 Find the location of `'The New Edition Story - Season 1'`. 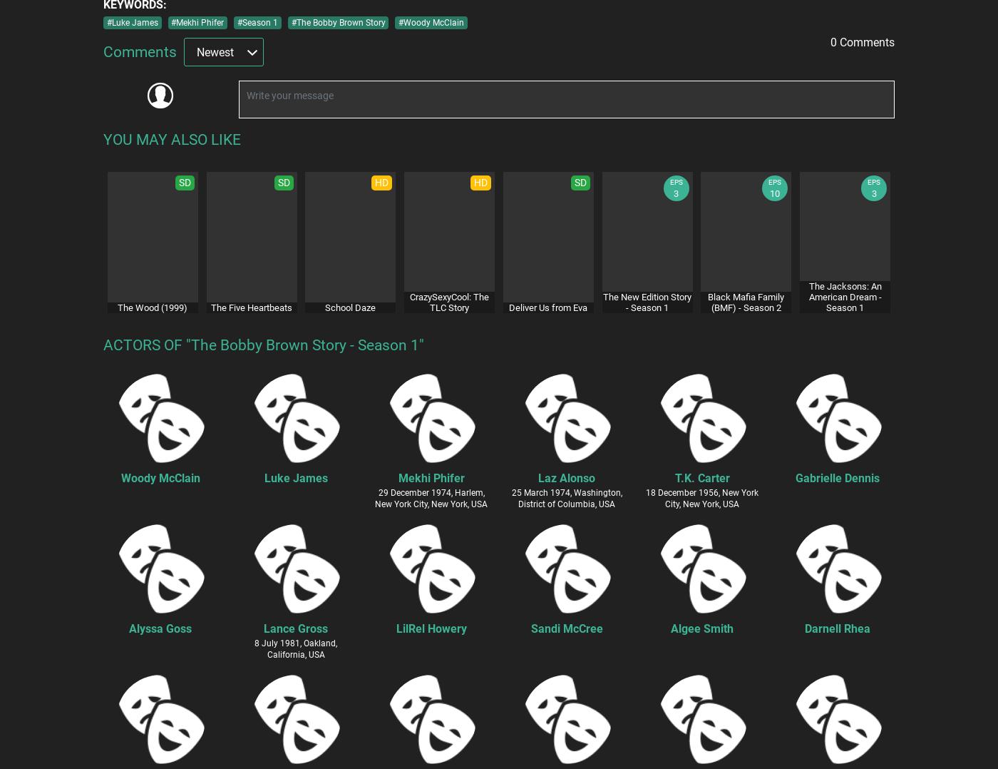

'The New Edition Story - Season 1' is located at coordinates (647, 301).